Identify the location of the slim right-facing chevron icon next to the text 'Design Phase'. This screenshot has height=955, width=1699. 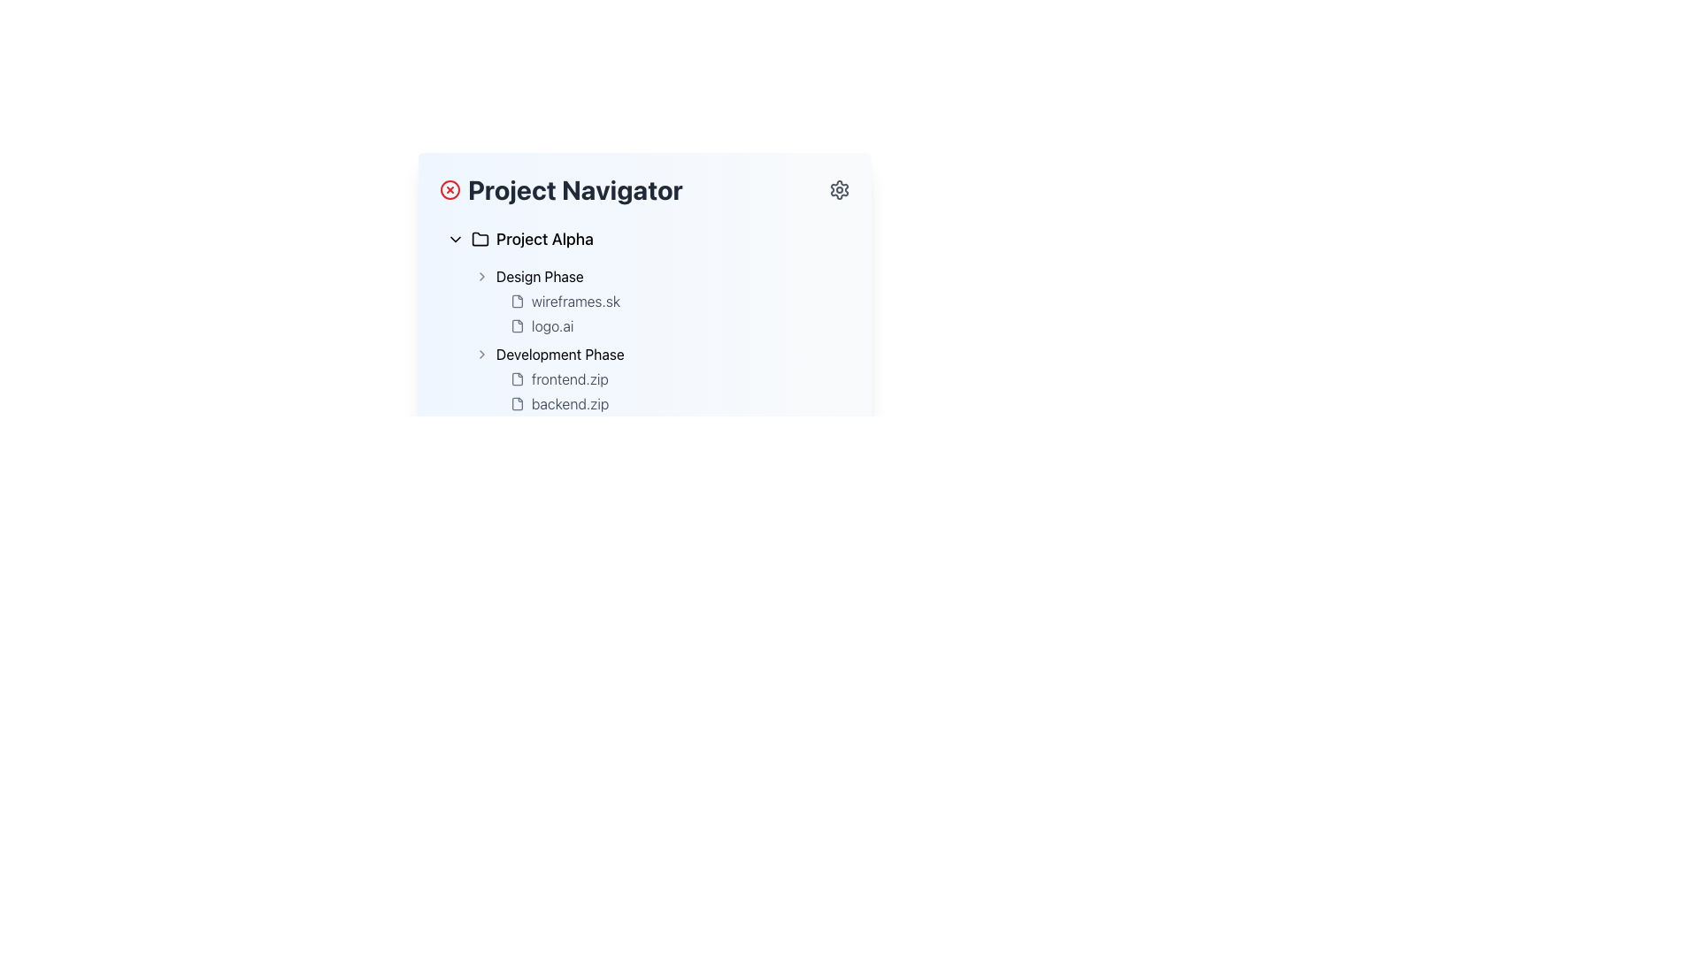
(482, 276).